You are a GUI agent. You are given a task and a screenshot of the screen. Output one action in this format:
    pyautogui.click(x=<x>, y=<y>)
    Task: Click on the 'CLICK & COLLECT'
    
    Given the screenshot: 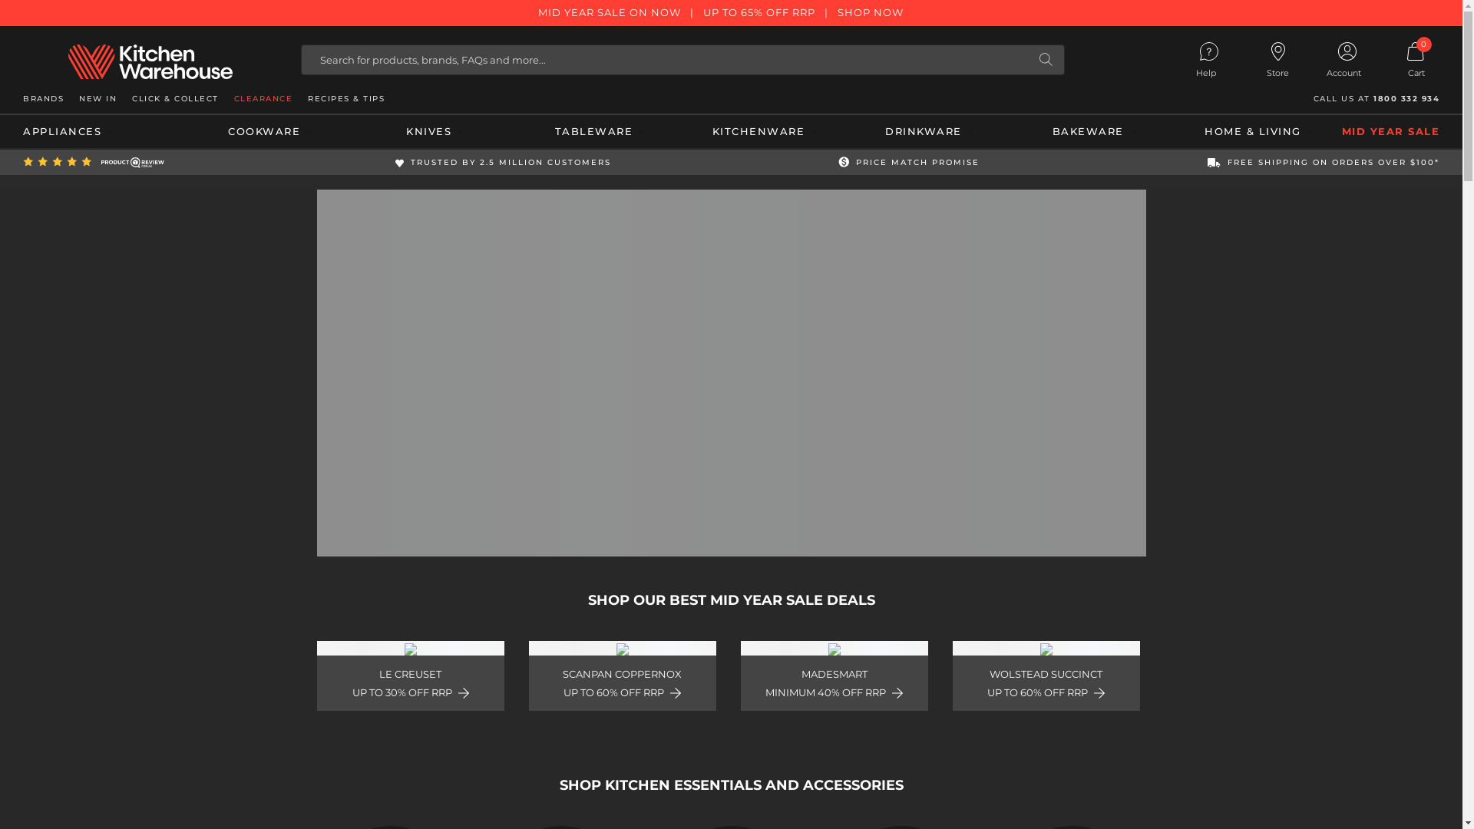 What is the action you would take?
    pyautogui.click(x=175, y=98)
    